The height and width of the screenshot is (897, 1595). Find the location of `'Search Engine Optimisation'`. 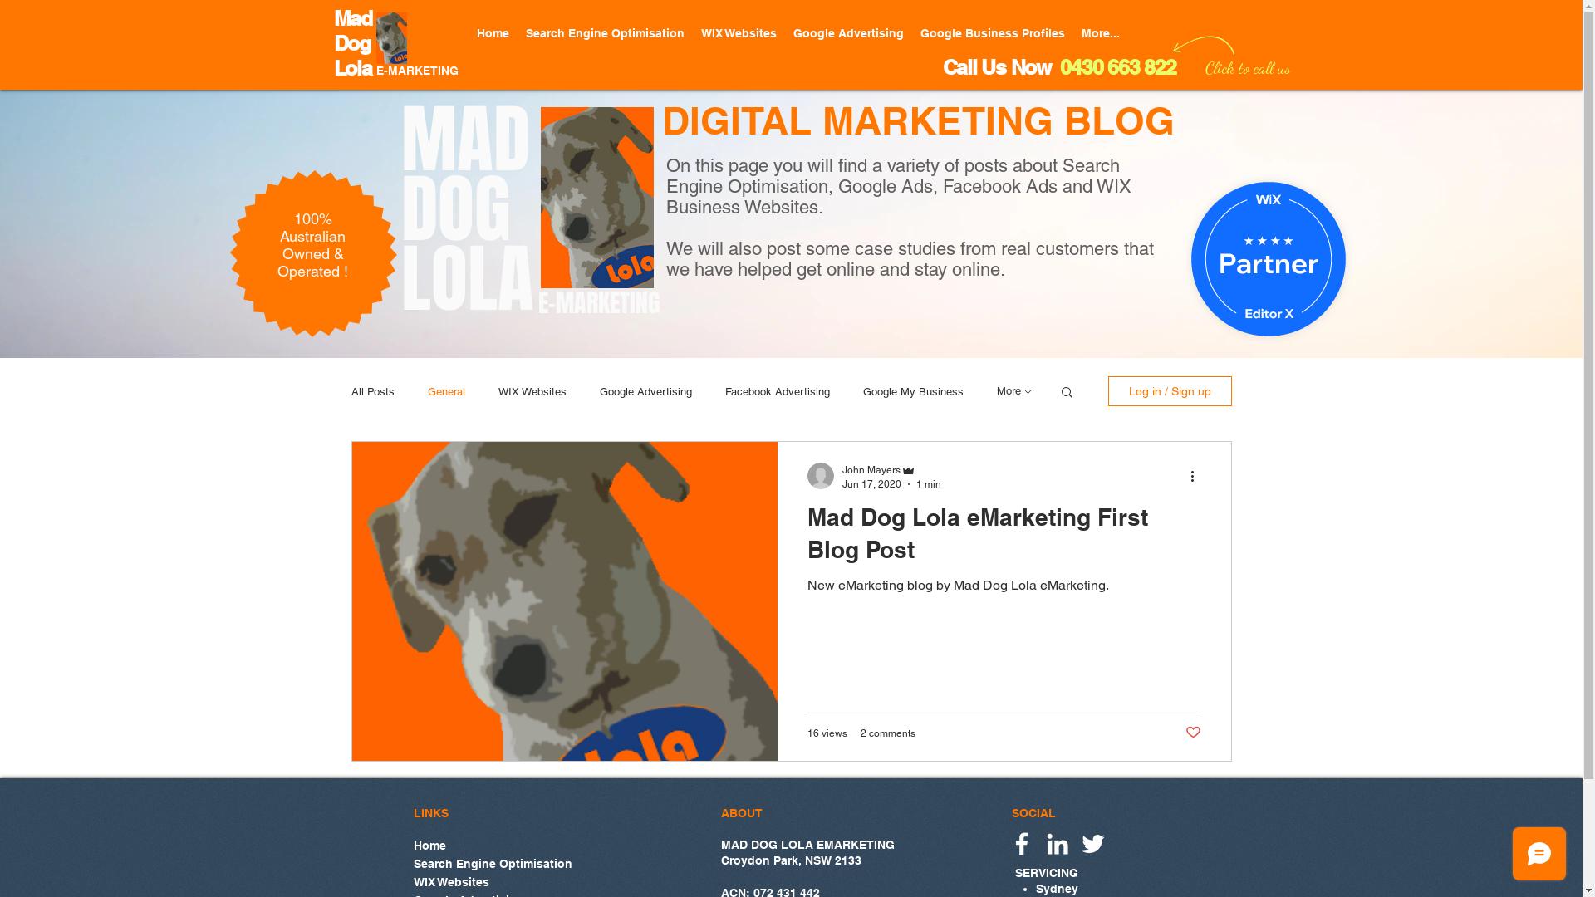

'Search Engine Optimisation' is located at coordinates (603, 33).